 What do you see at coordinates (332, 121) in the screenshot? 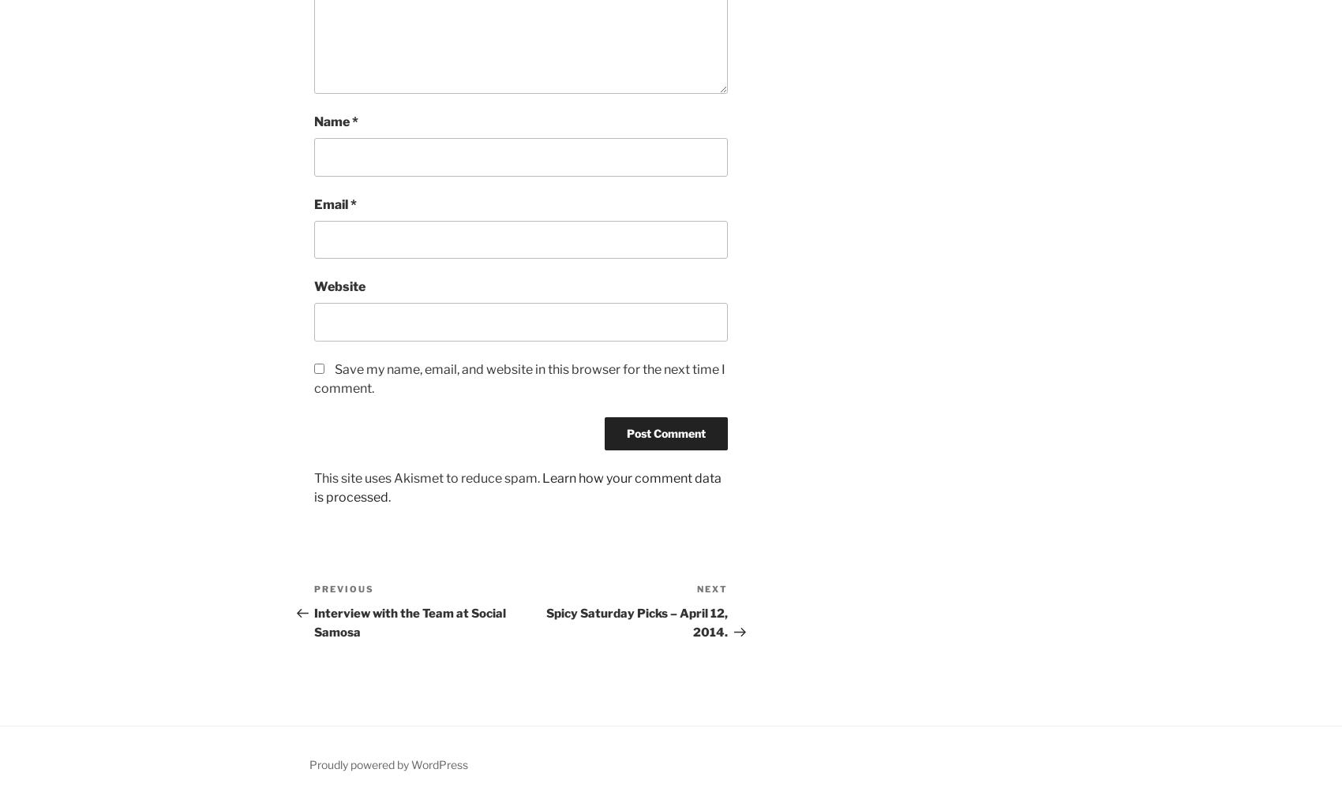
I see `'Name'` at bounding box center [332, 121].